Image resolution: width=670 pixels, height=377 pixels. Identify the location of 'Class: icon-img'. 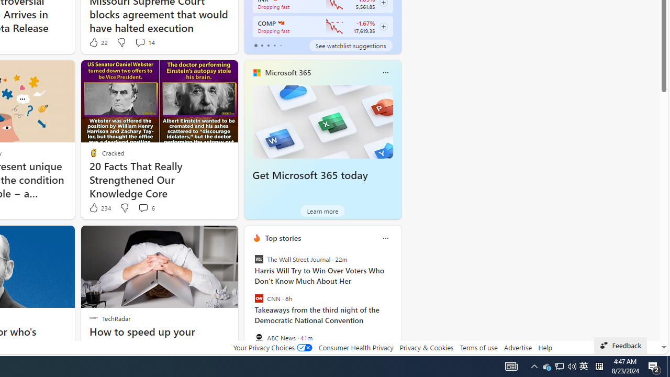
(385, 238).